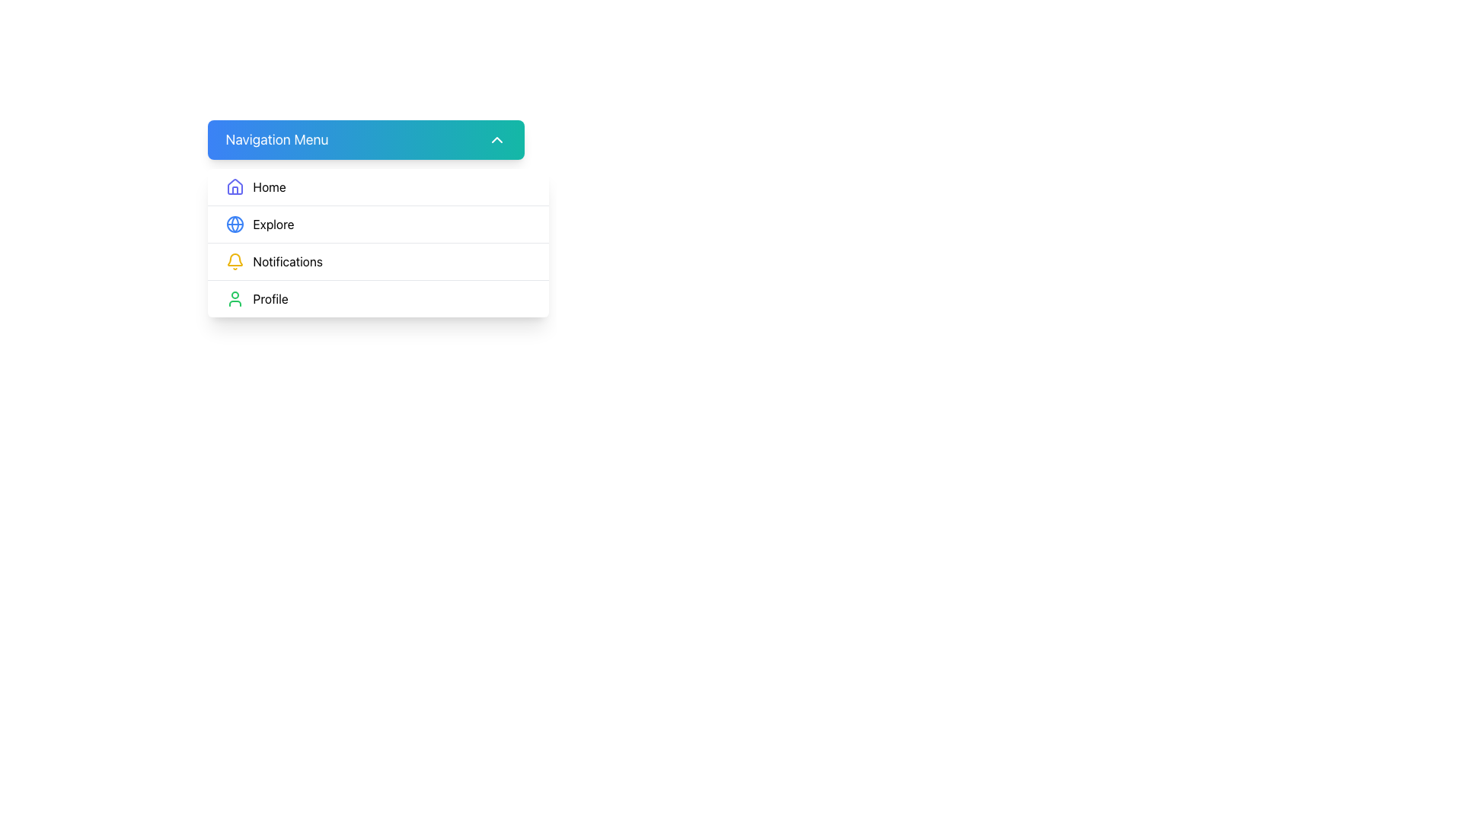 This screenshot has height=822, width=1462. Describe the element at coordinates (234, 224) in the screenshot. I see `the appearance of the globe icon with a blue border located next to the 'Explore' label in the navigation menu` at that location.